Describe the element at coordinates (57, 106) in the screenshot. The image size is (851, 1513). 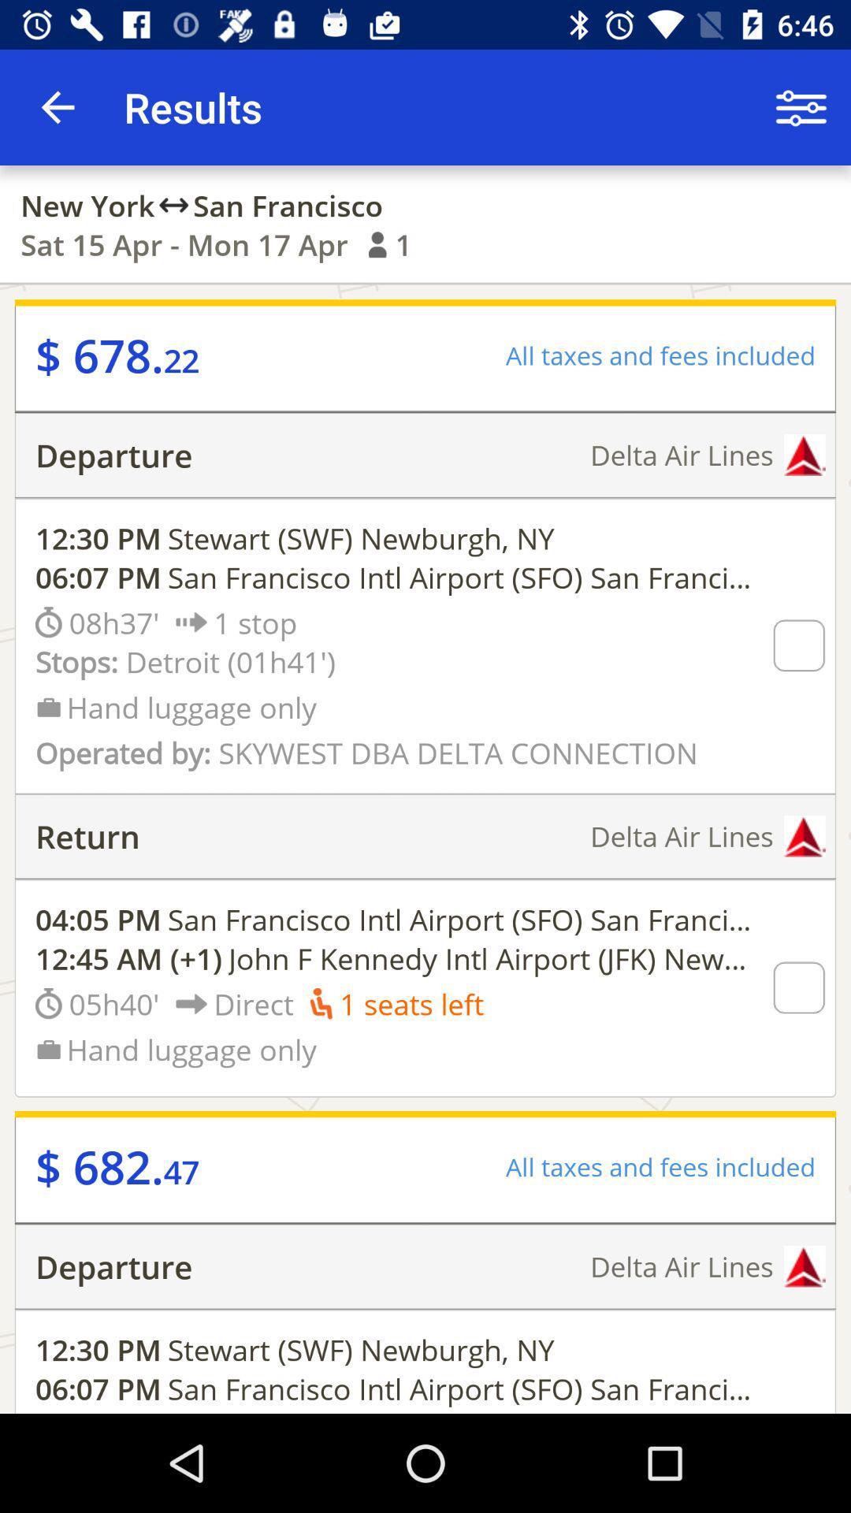
I see `the icon to the left of the results item` at that location.